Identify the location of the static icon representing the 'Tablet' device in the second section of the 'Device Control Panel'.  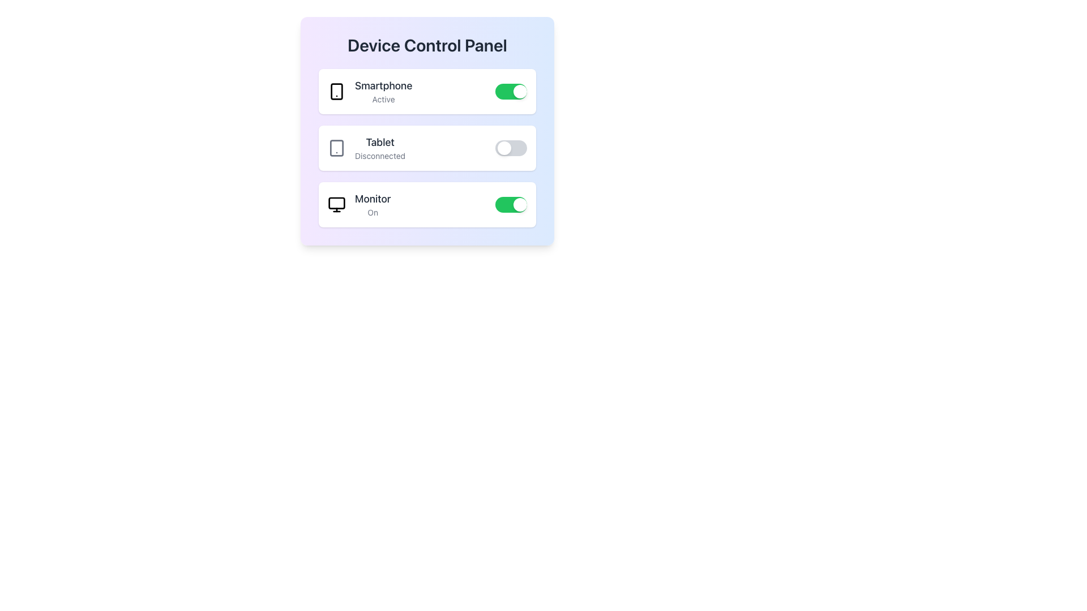
(336, 148).